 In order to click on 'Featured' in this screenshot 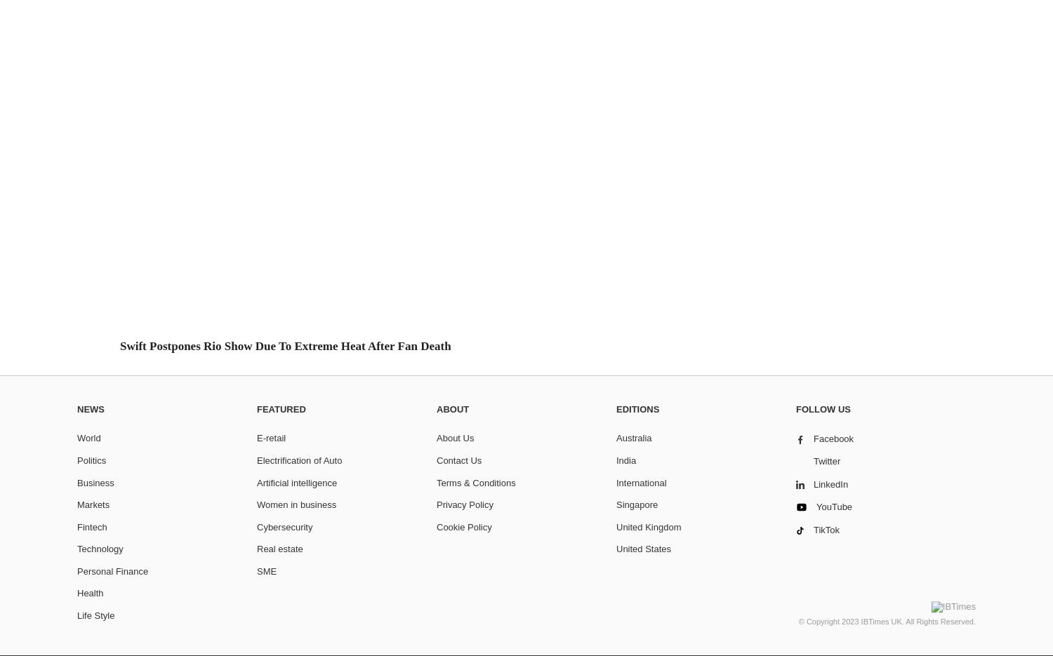, I will do `click(281, 408)`.